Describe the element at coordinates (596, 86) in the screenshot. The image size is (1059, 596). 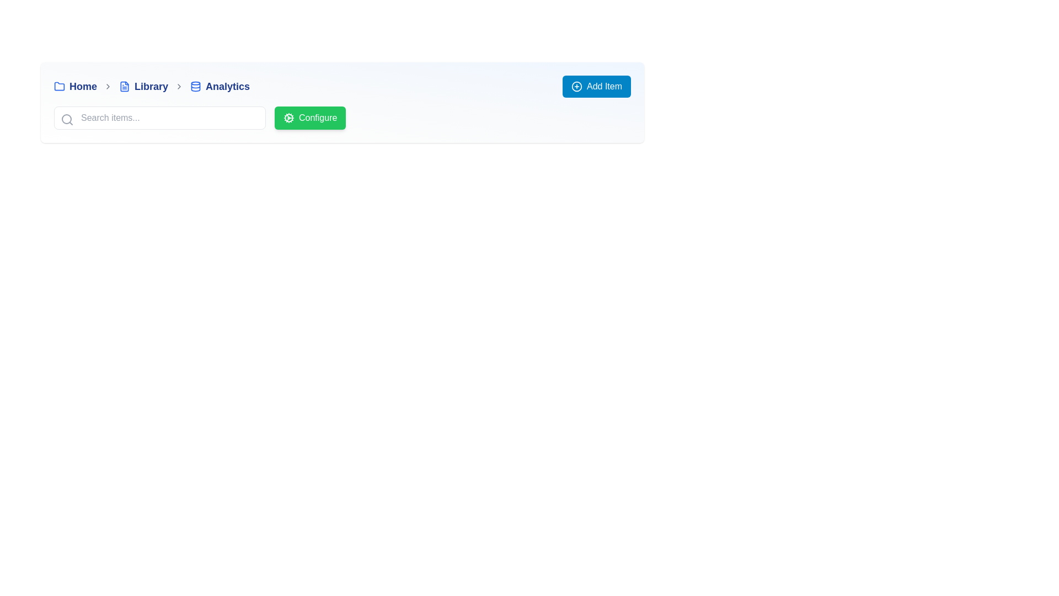
I see `the 'Add Item' button` at that location.